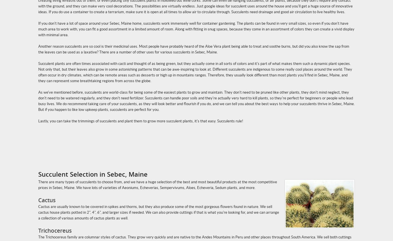  I want to click on 'Succulent Selection in Sebec, Maine', so click(93, 174).